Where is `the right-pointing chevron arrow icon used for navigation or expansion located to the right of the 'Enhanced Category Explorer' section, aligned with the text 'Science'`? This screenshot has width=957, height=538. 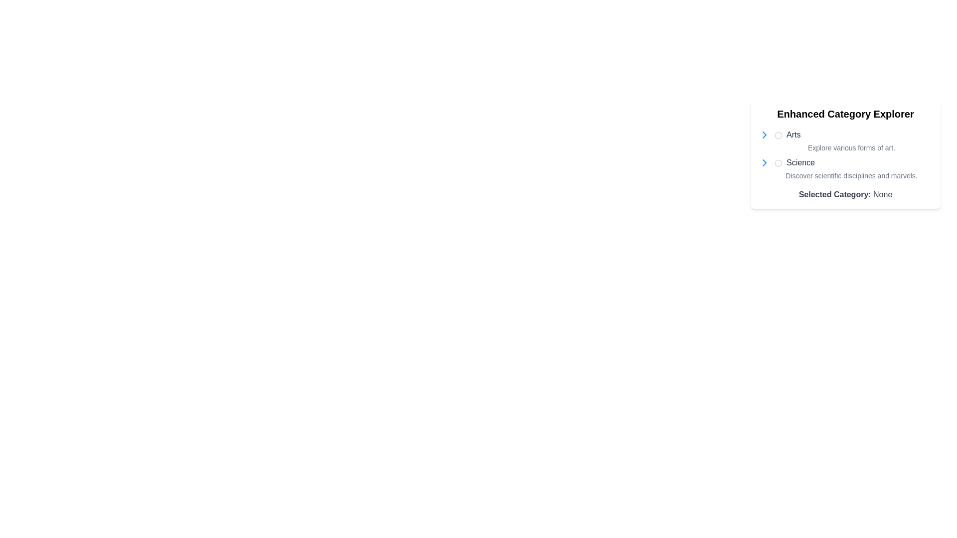
the right-pointing chevron arrow icon used for navigation or expansion located to the right of the 'Enhanced Category Explorer' section, aligned with the text 'Science' is located at coordinates (764, 134).